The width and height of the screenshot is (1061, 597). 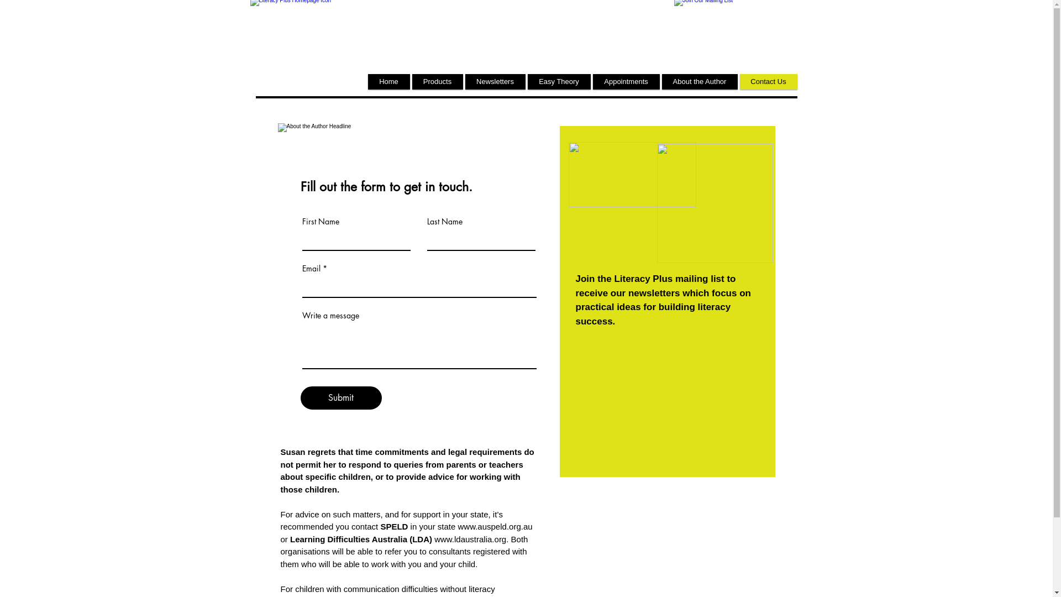 I want to click on 'Submit', so click(x=340, y=398).